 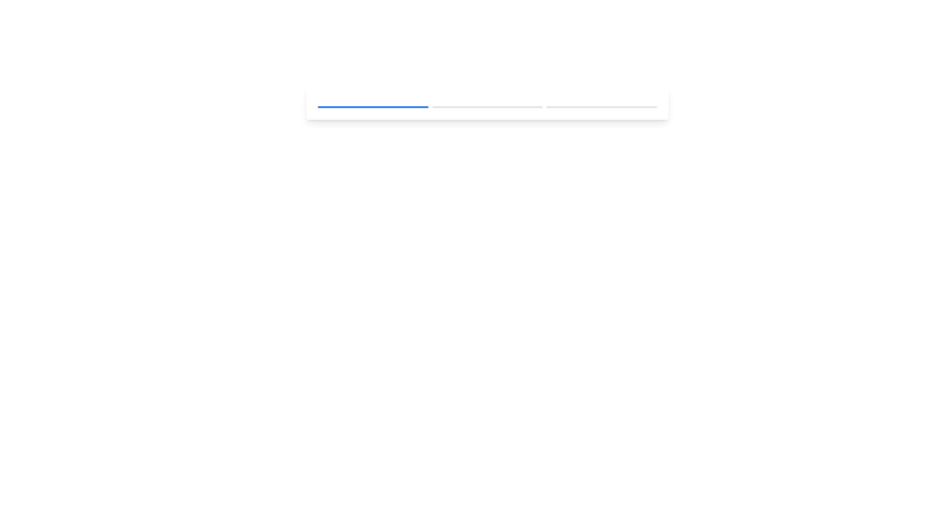 I want to click on the third selectable placeholder, which is a rectangular strip with rounded edges and a gray border, so click(x=601, y=107).